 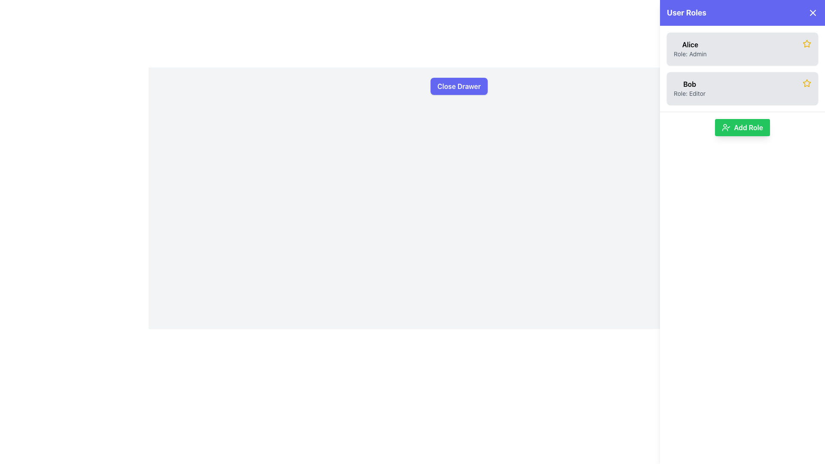 What do you see at coordinates (806, 83) in the screenshot?
I see `the star icon located at the top-right corner of Bob's user card` at bounding box center [806, 83].